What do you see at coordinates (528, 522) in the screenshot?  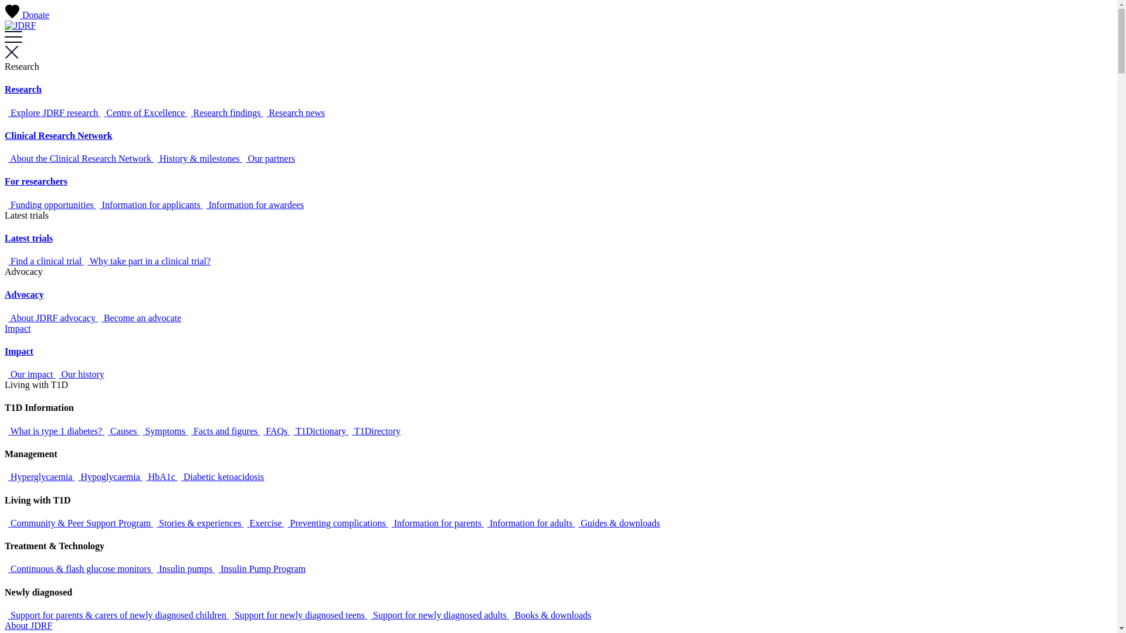 I see `'Information for adults'` at bounding box center [528, 522].